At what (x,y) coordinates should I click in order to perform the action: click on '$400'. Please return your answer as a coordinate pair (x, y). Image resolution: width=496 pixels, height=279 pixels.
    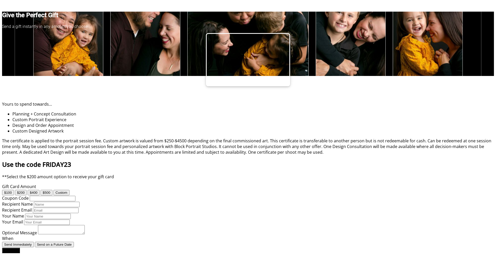
    Looking at the image, I should click on (27, 192).